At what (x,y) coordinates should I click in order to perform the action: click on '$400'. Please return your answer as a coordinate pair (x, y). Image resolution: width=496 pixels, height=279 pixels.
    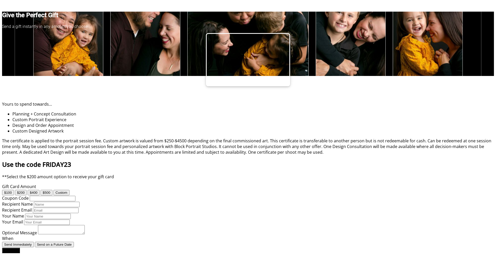
    Looking at the image, I should click on (27, 192).